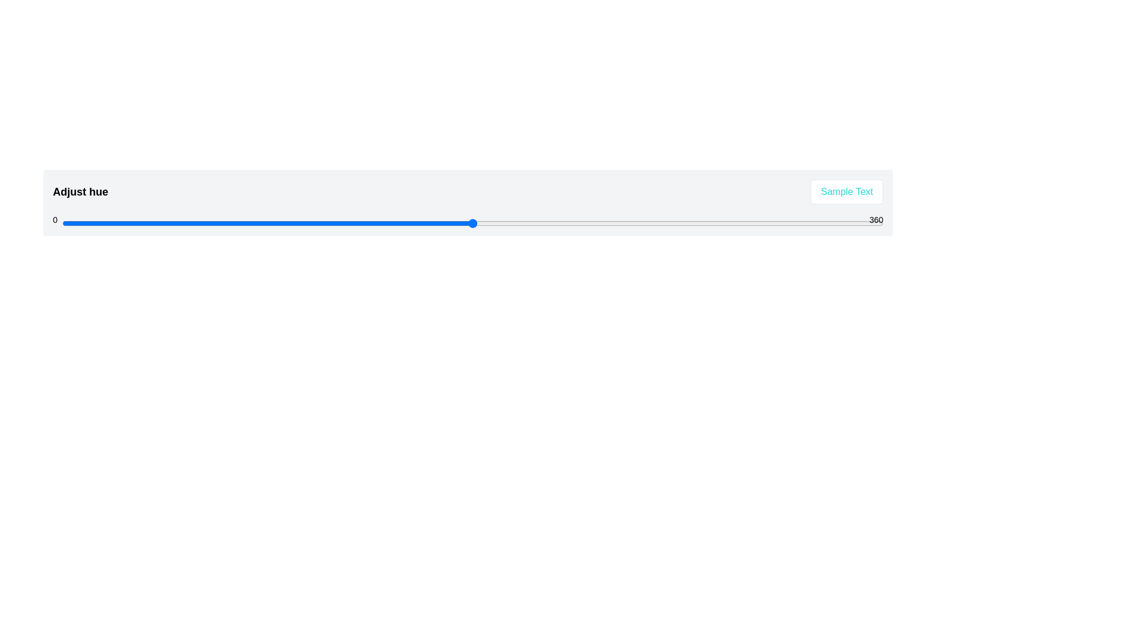 Image resolution: width=1142 pixels, height=642 pixels. I want to click on the hue slider to a value of 233, so click(594, 223).